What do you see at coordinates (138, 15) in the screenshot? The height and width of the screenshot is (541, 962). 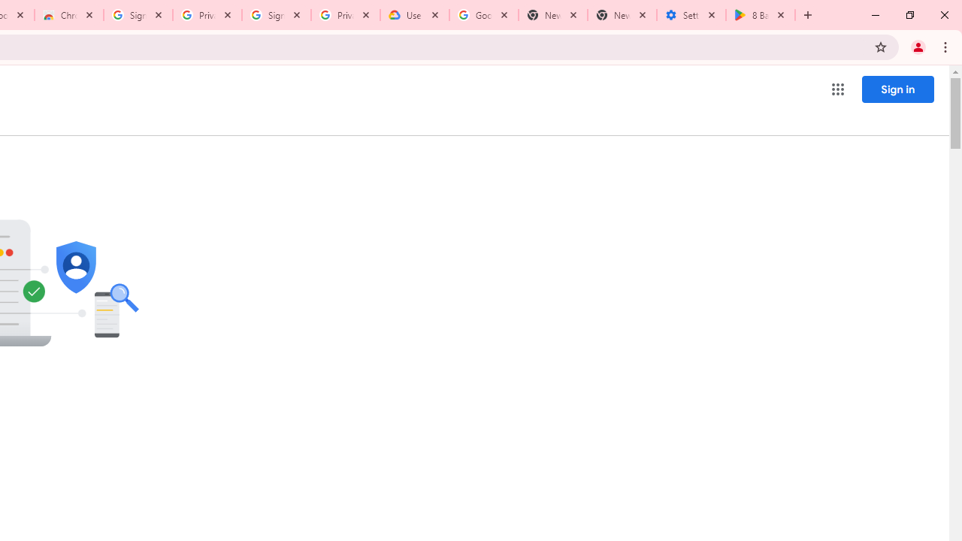 I see `'Sign in - Google Accounts'` at bounding box center [138, 15].